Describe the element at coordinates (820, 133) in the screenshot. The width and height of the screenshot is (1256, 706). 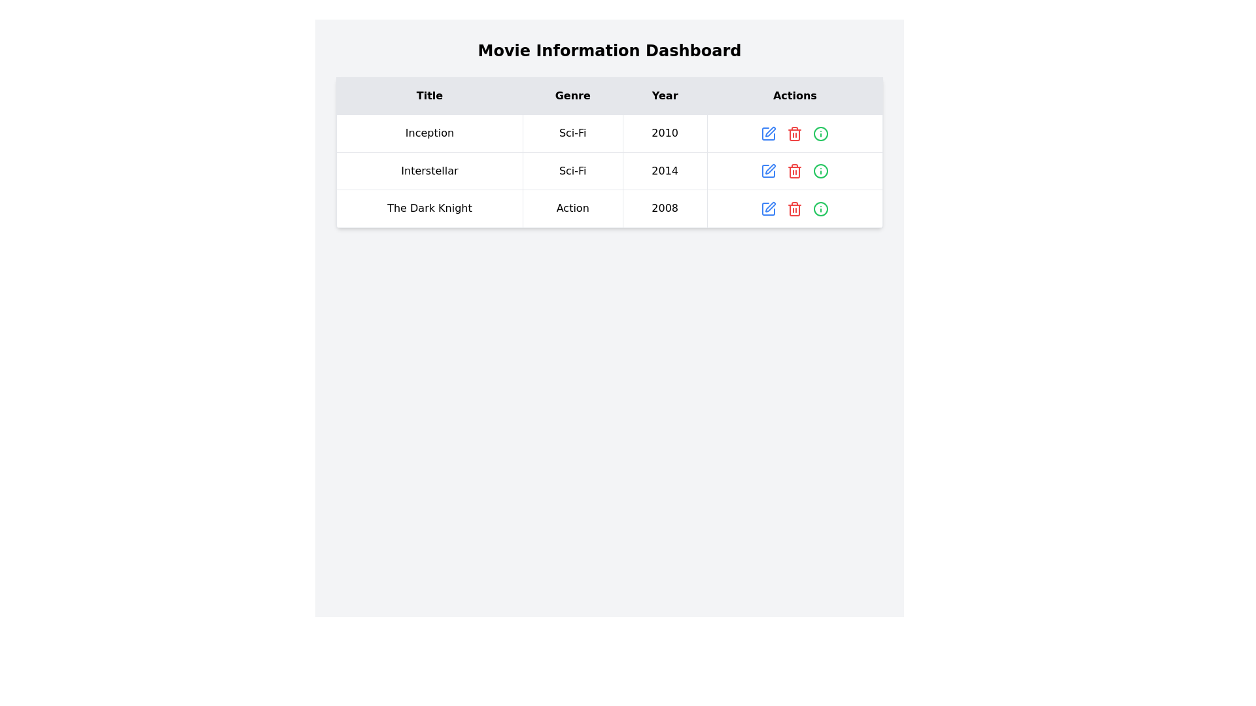
I see `the additional information icon for the movie 'Inception' located in the 'Actions' column of the first row in the table` at that location.